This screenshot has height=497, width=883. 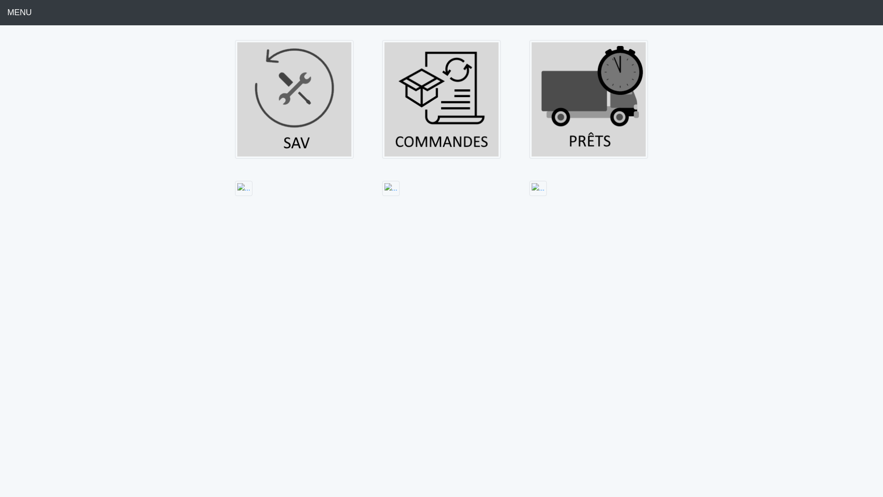 I want to click on 'MENU', so click(x=19, y=12).